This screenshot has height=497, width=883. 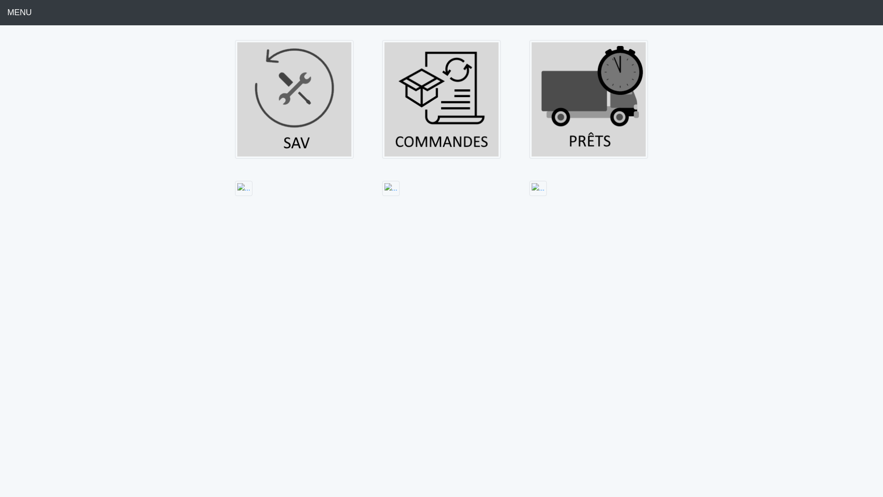 I want to click on 'MENU', so click(x=19, y=12).